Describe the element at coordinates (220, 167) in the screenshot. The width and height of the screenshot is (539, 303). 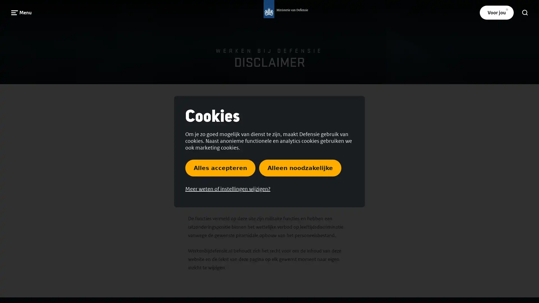
I see `Alles accepteren` at that location.